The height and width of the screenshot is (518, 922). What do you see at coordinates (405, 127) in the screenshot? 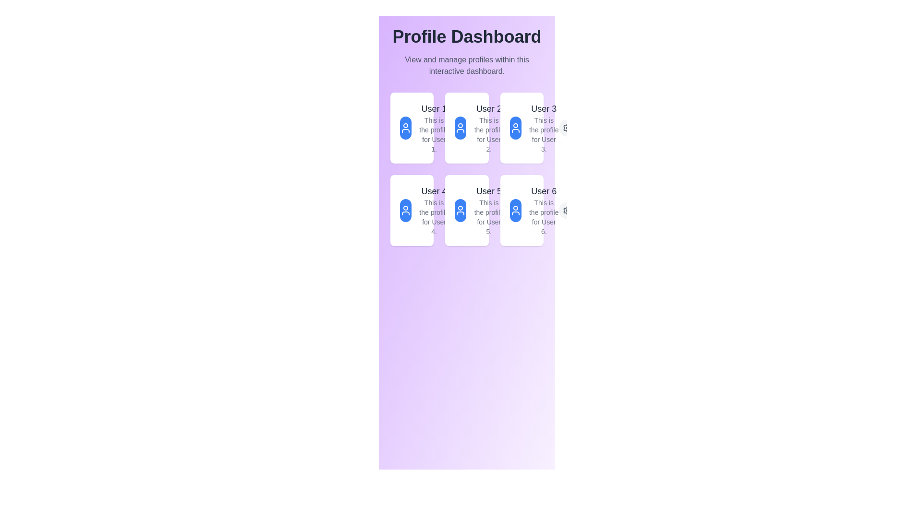
I see `the user profile SVG icon located at the top of the first profile card labeled 'User 1', which is represented by a circular blue background` at bounding box center [405, 127].